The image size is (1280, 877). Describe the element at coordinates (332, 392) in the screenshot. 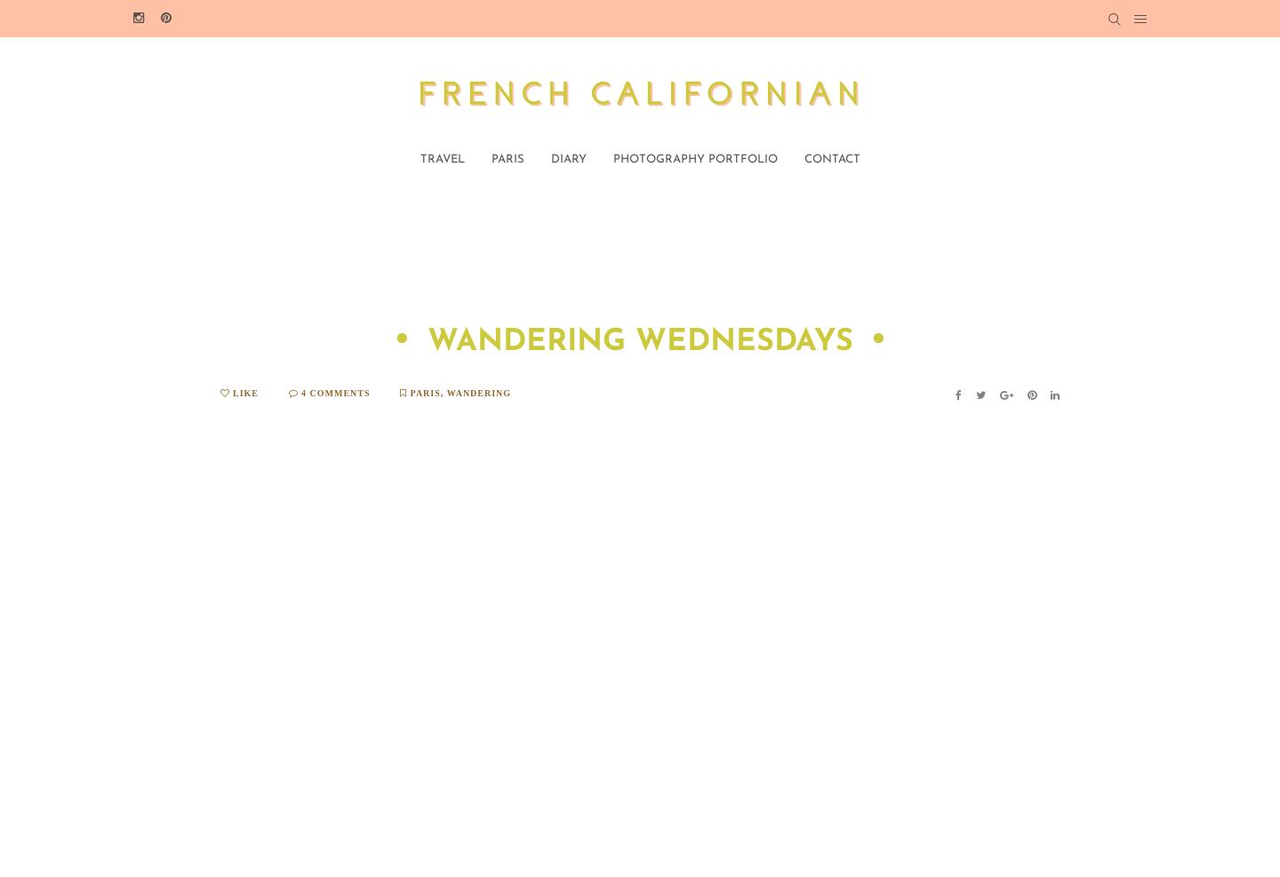

I see `'4 Comments'` at that location.